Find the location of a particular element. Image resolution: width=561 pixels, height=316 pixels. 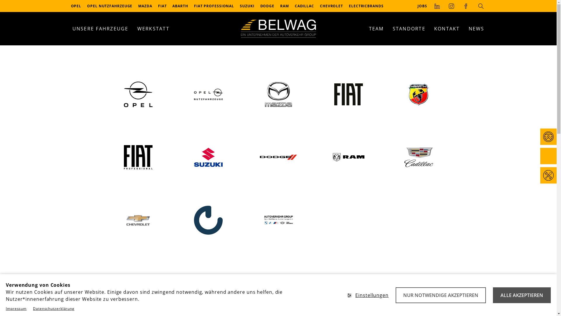

'Chevrolet' is located at coordinates (137, 220).